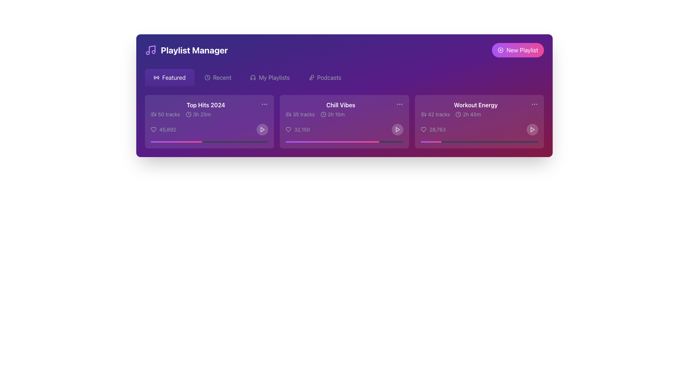  What do you see at coordinates (332, 142) in the screenshot?
I see `the partially filled progress bar segment with a gradient fill from purple to pink, located in the middle of the 'Chill Vibes' playlist card` at bounding box center [332, 142].